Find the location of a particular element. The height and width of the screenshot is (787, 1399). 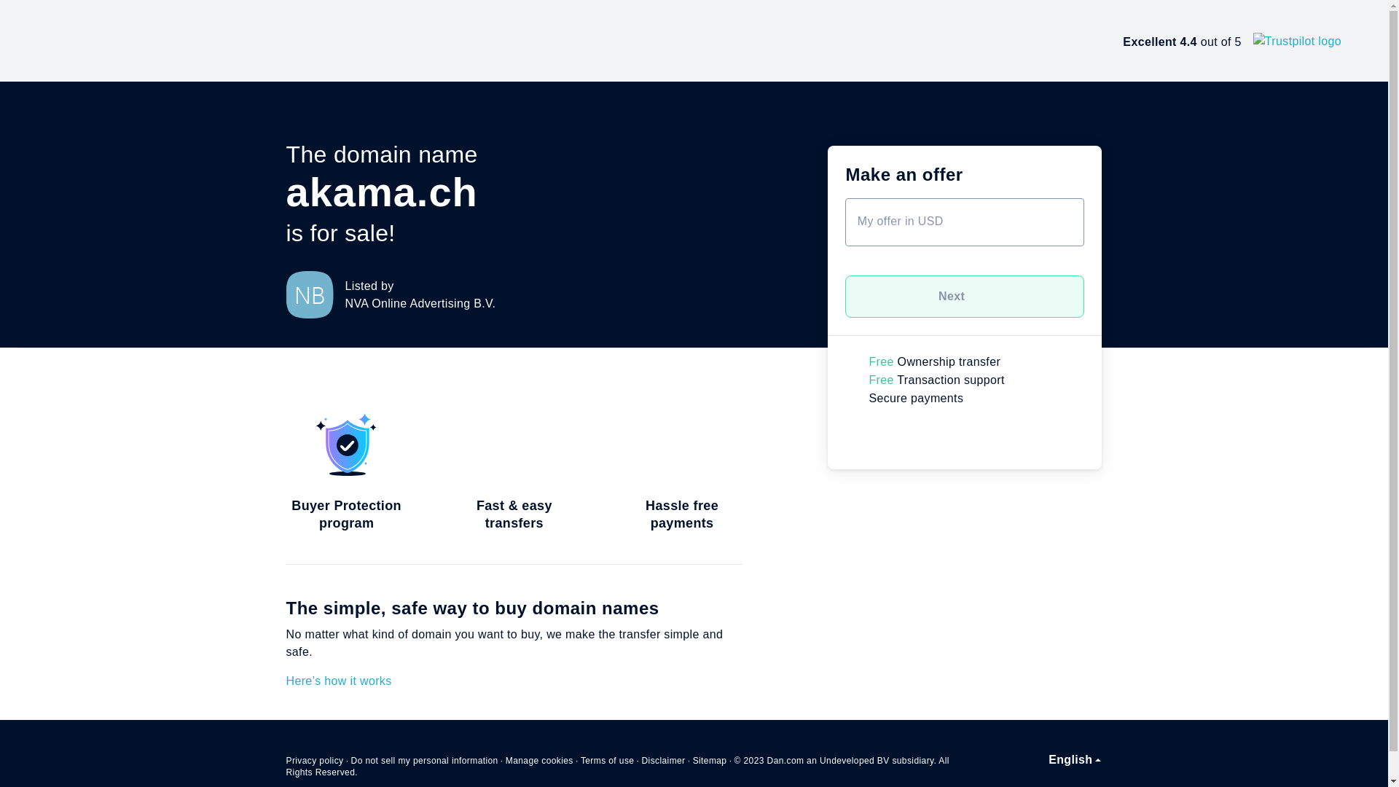

'Disclaimer' is located at coordinates (662, 760).